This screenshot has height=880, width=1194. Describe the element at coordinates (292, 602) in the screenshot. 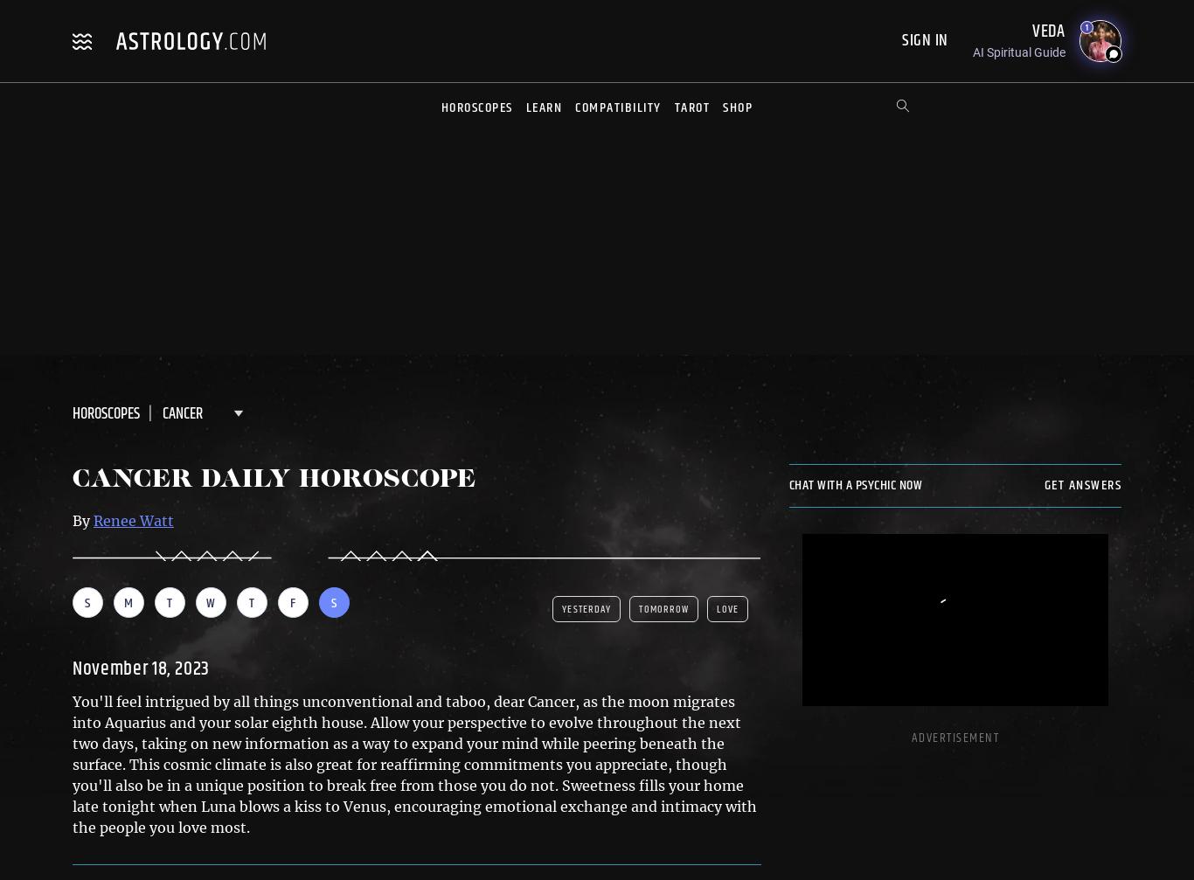

I see `'F'` at that location.